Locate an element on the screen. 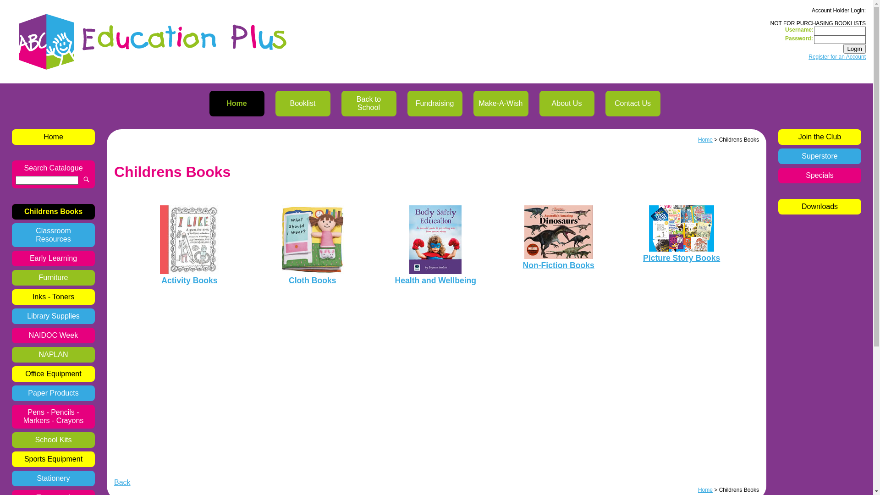  'NAPLAN' is located at coordinates (53, 354).